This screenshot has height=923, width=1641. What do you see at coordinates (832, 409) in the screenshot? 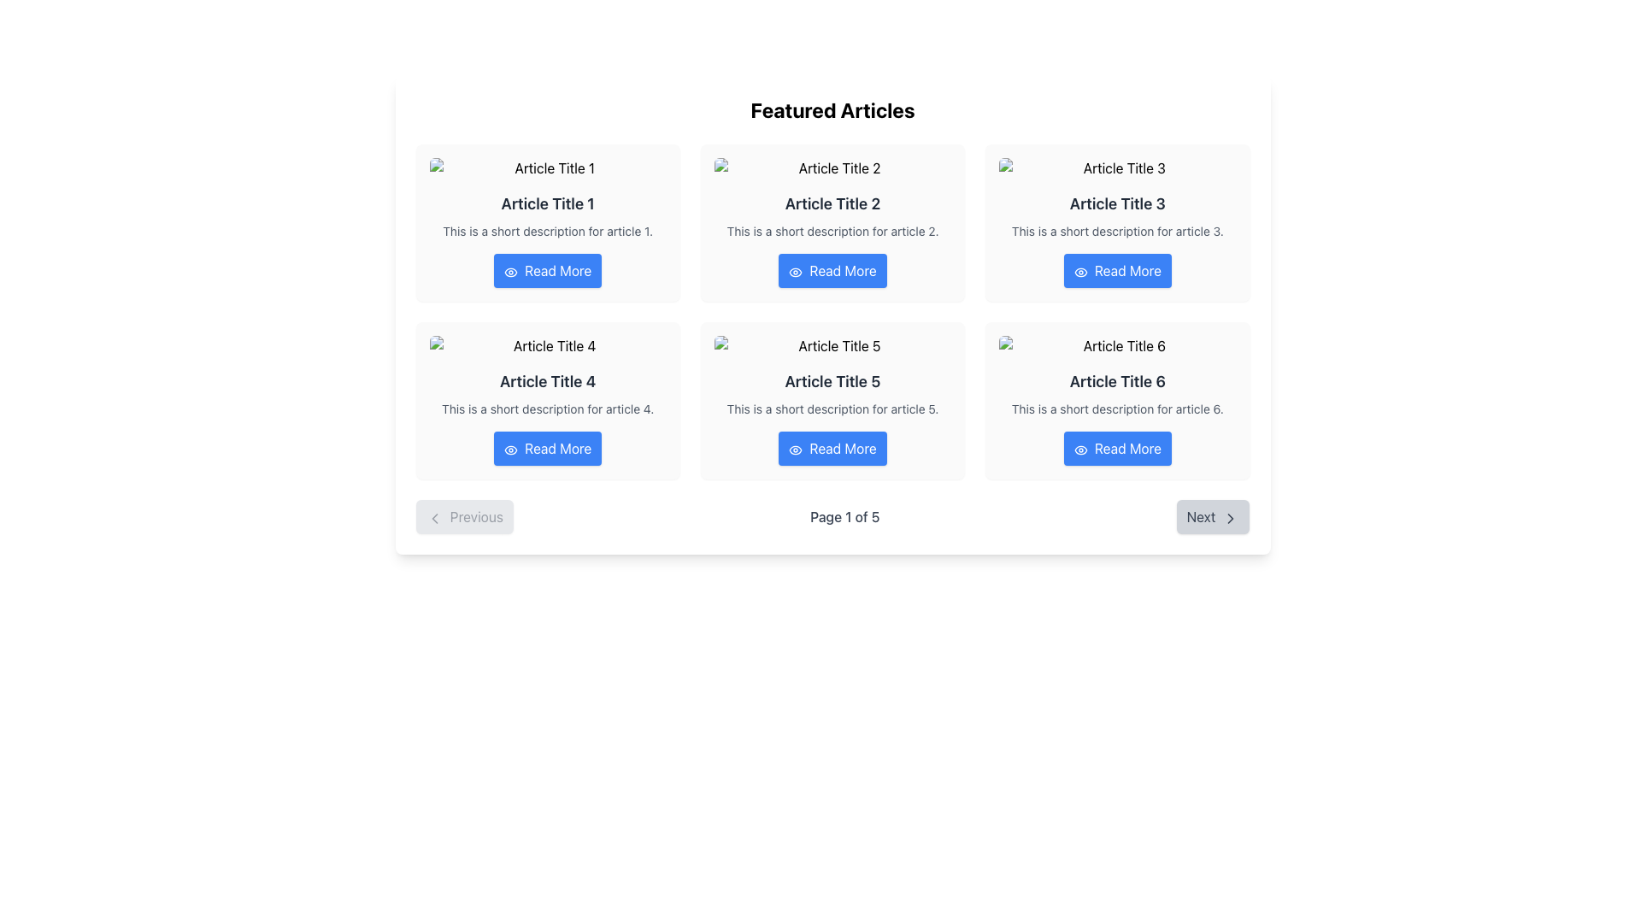
I see `the descriptive text element for the article titled 'Article Title 5', which is located directly below its title and above the 'Read More' button` at bounding box center [832, 409].